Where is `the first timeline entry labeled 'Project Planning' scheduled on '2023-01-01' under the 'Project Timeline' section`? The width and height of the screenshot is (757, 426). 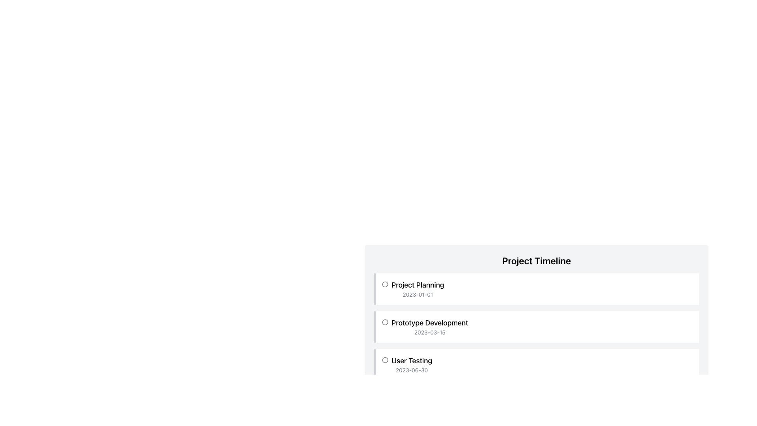
the first timeline entry labeled 'Project Planning' scheduled on '2023-01-01' under the 'Project Timeline' section is located at coordinates (537, 289).